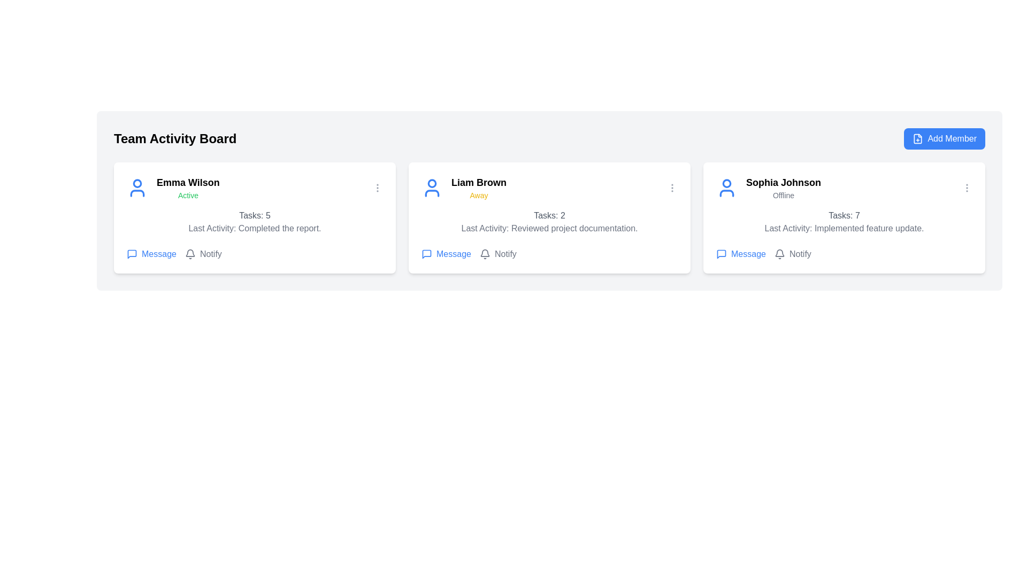 Image resolution: width=1027 pixels, height=577 pixels. What do you see at coordinates (549, 254) in the screenshot?
I see `the 'Notify' option within the interactive control group located at the bottom of the 'Liam Brown' card` at bounding box center [549, 254].